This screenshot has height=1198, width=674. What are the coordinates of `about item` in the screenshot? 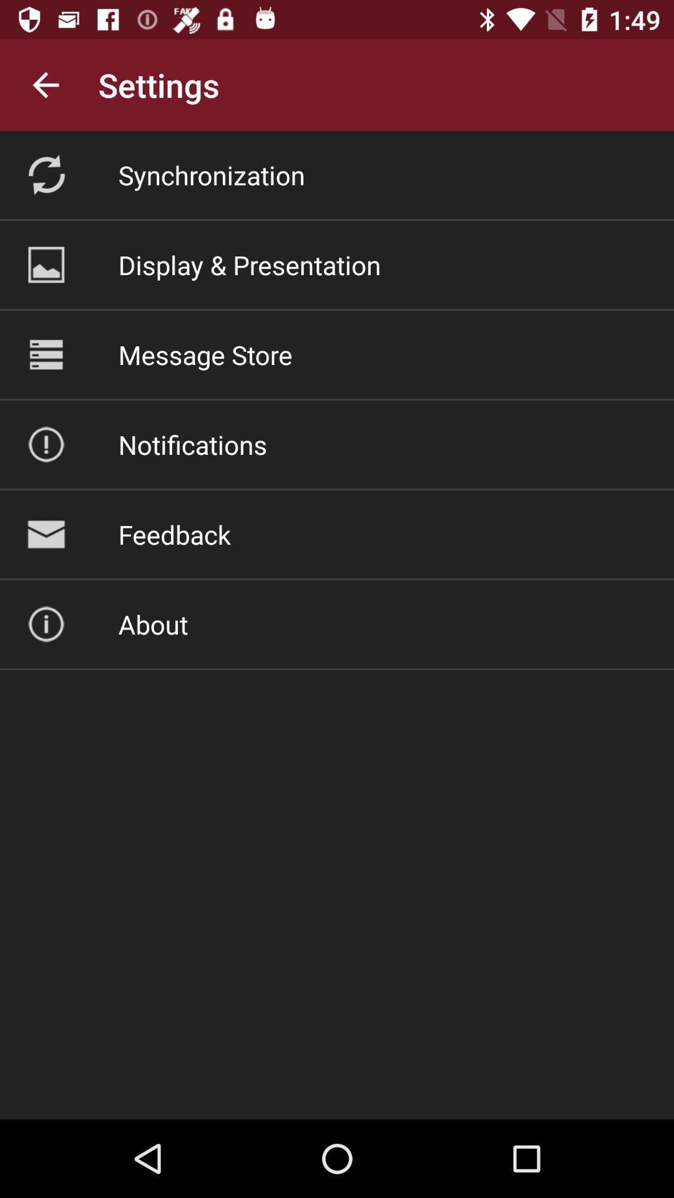 It's located at (152, 624).